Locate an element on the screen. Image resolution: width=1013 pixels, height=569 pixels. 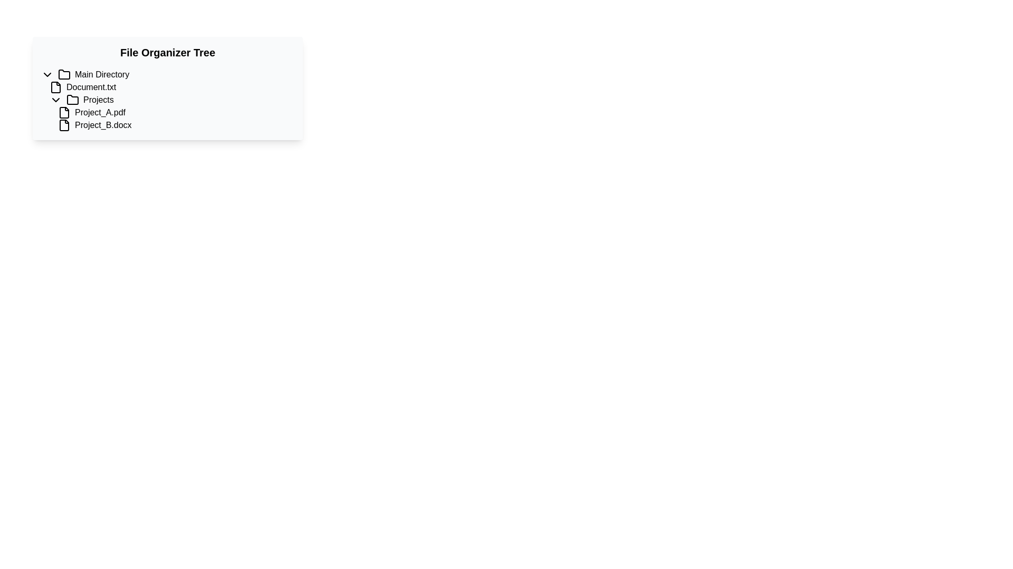
the 'Document.txt' text label located beneath the 'Main Directory' item in the file organizer tree is located at coordinates (91, 86).